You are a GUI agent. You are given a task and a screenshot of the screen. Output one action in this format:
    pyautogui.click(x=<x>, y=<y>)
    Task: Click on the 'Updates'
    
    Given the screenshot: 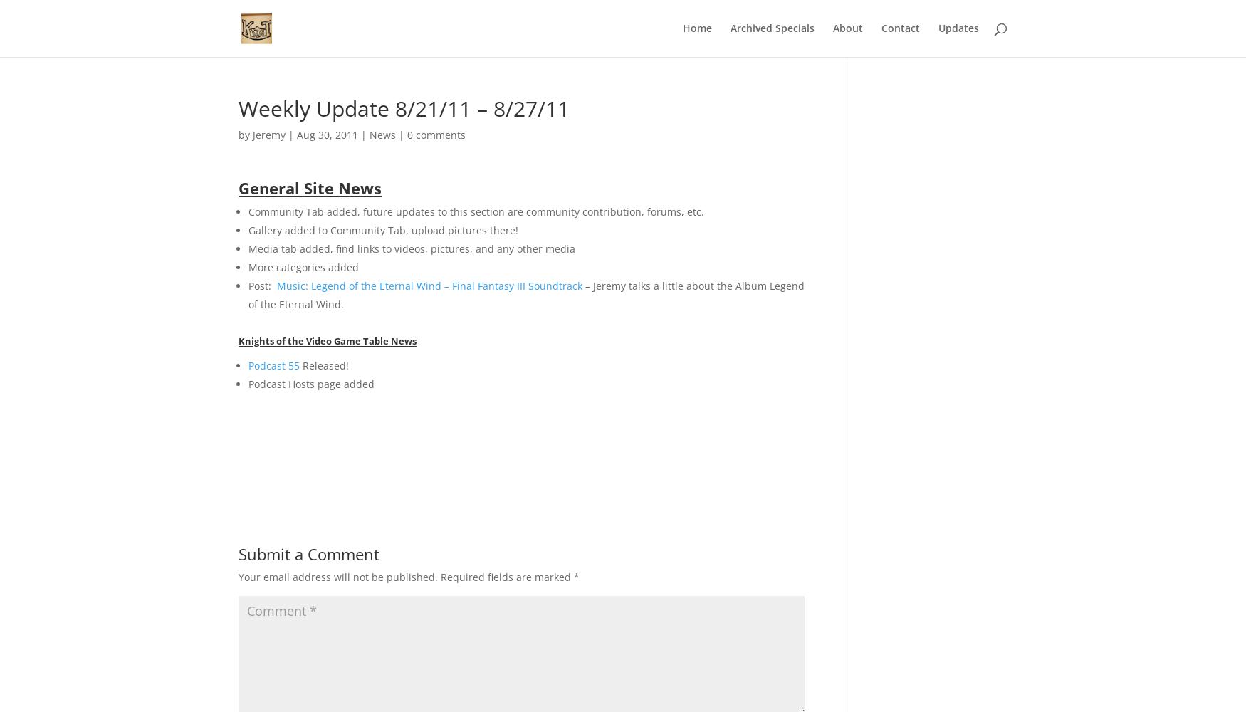 What is the action you would take?
    pyautogui.click(x=958, y=28)
    